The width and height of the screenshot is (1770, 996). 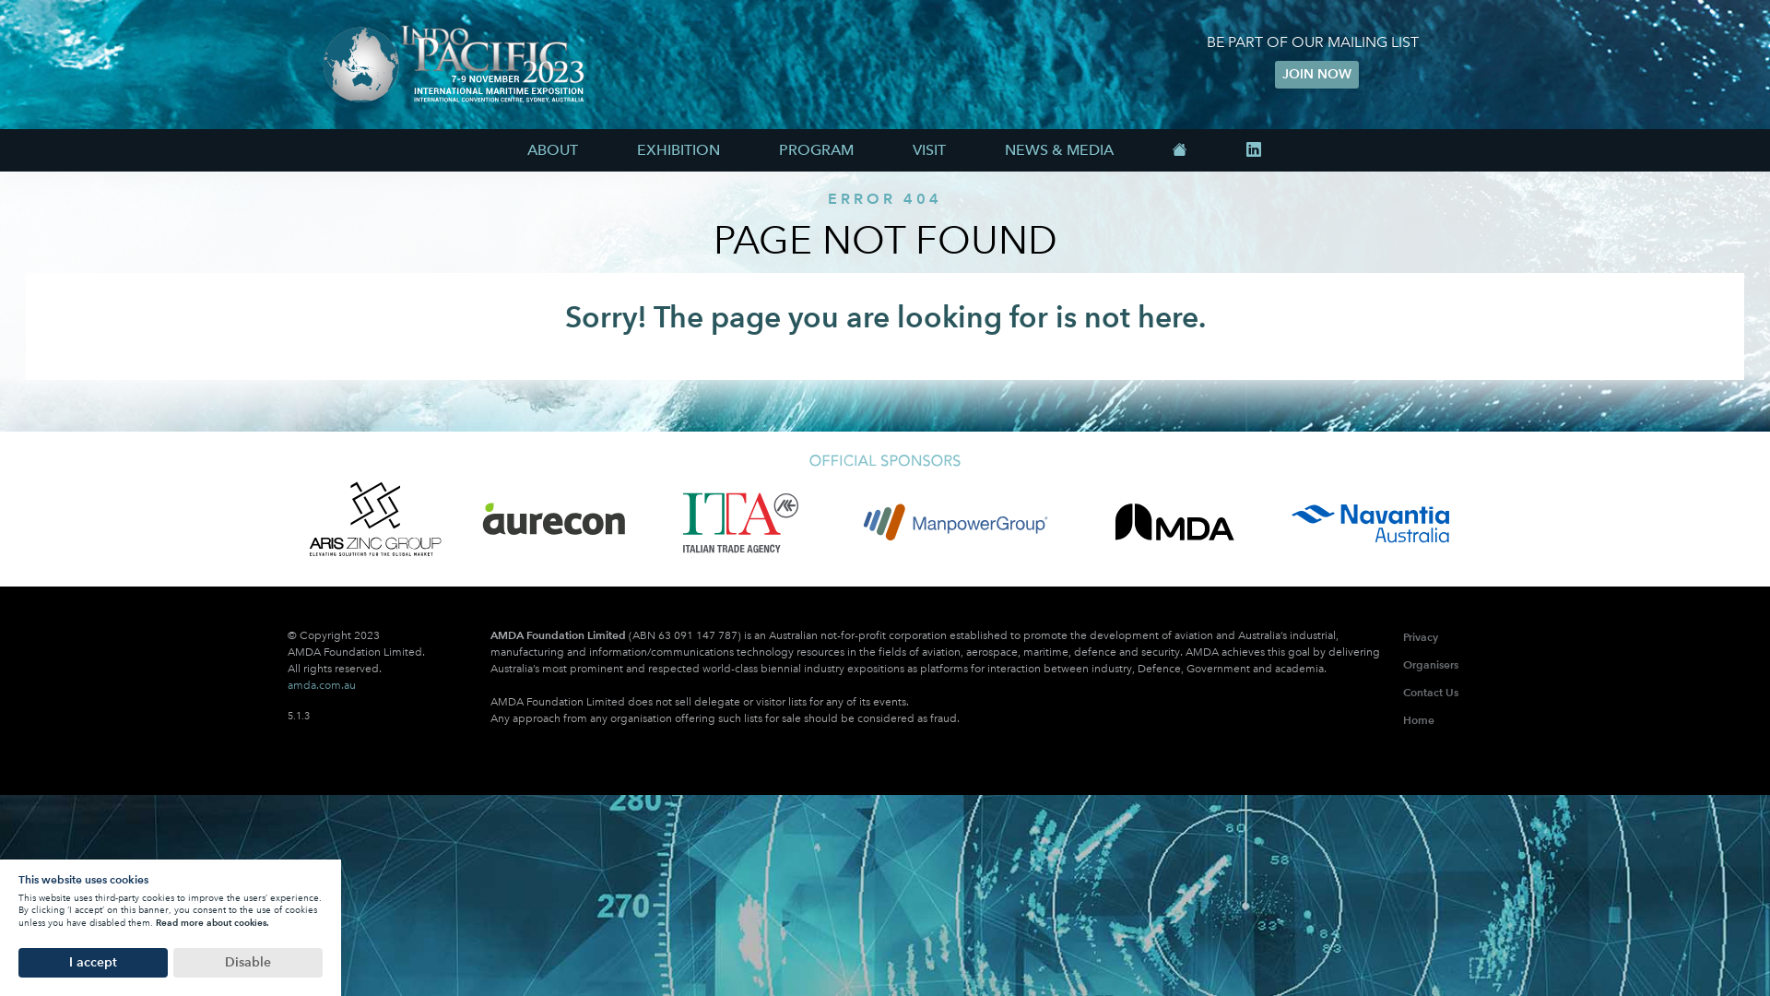 What do you see at coordinates (610, 148) in the screenshot?
I see `'EXHIBITION'` at bounding box center [610, 148].